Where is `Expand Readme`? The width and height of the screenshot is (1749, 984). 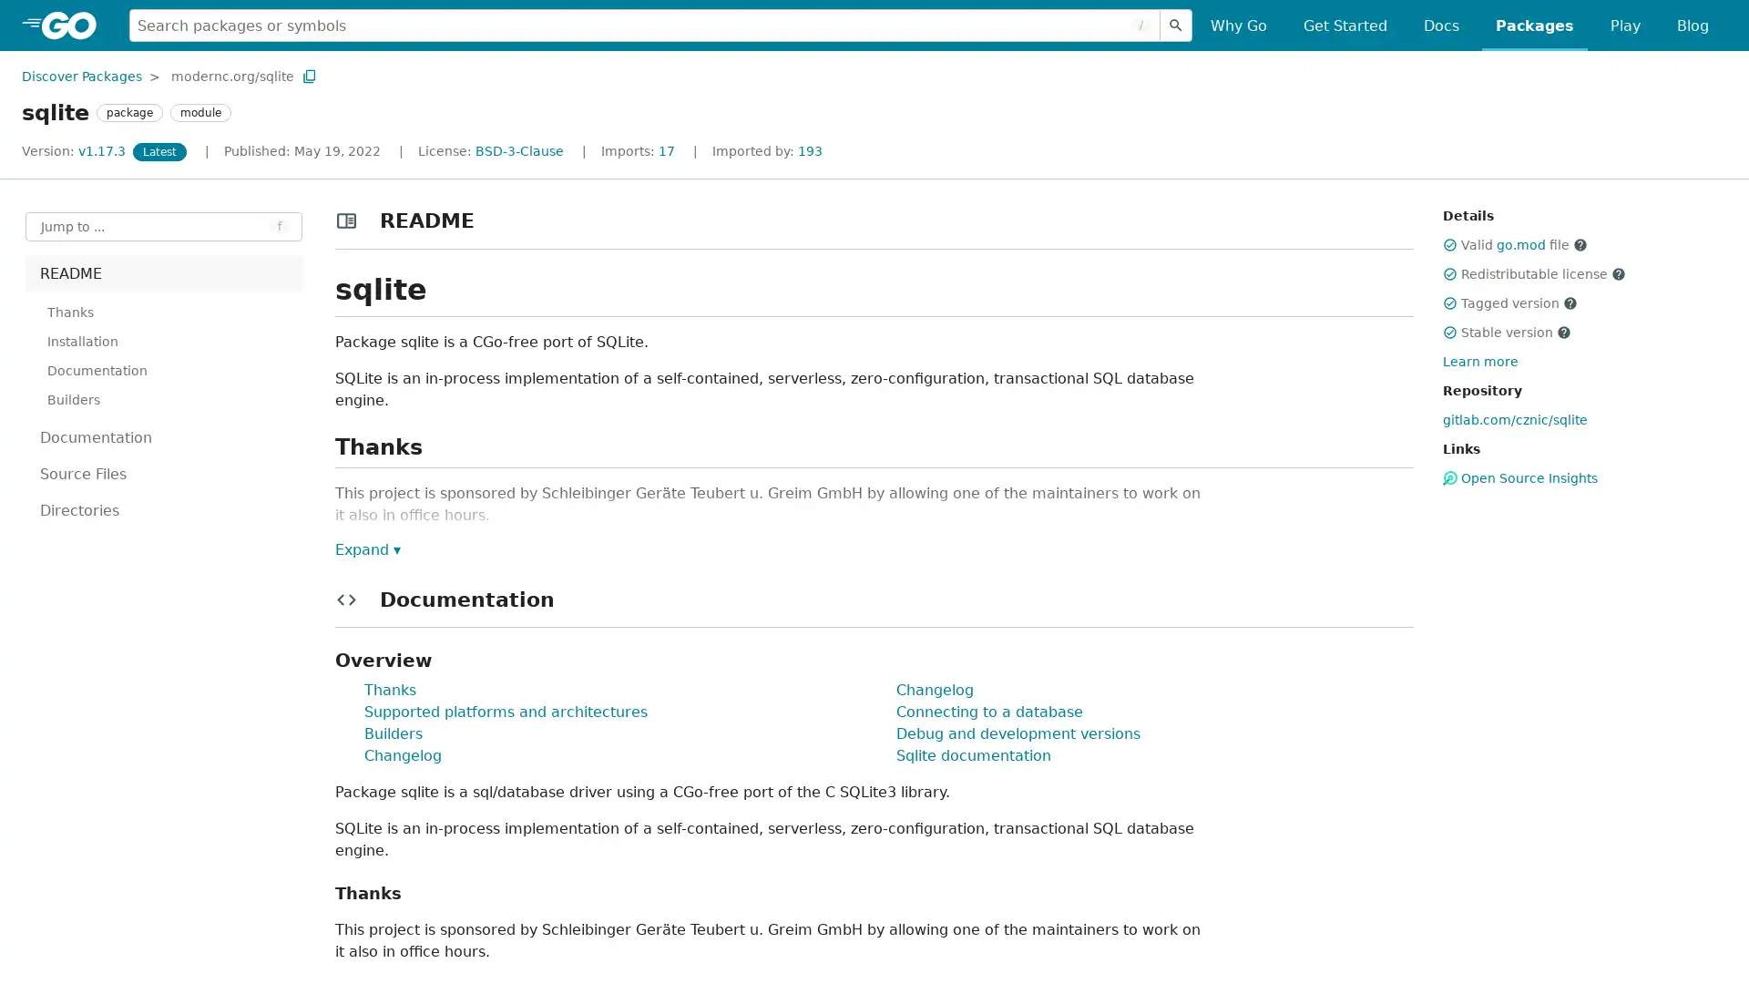
Expand Readme is located at coordinates (366, 548).